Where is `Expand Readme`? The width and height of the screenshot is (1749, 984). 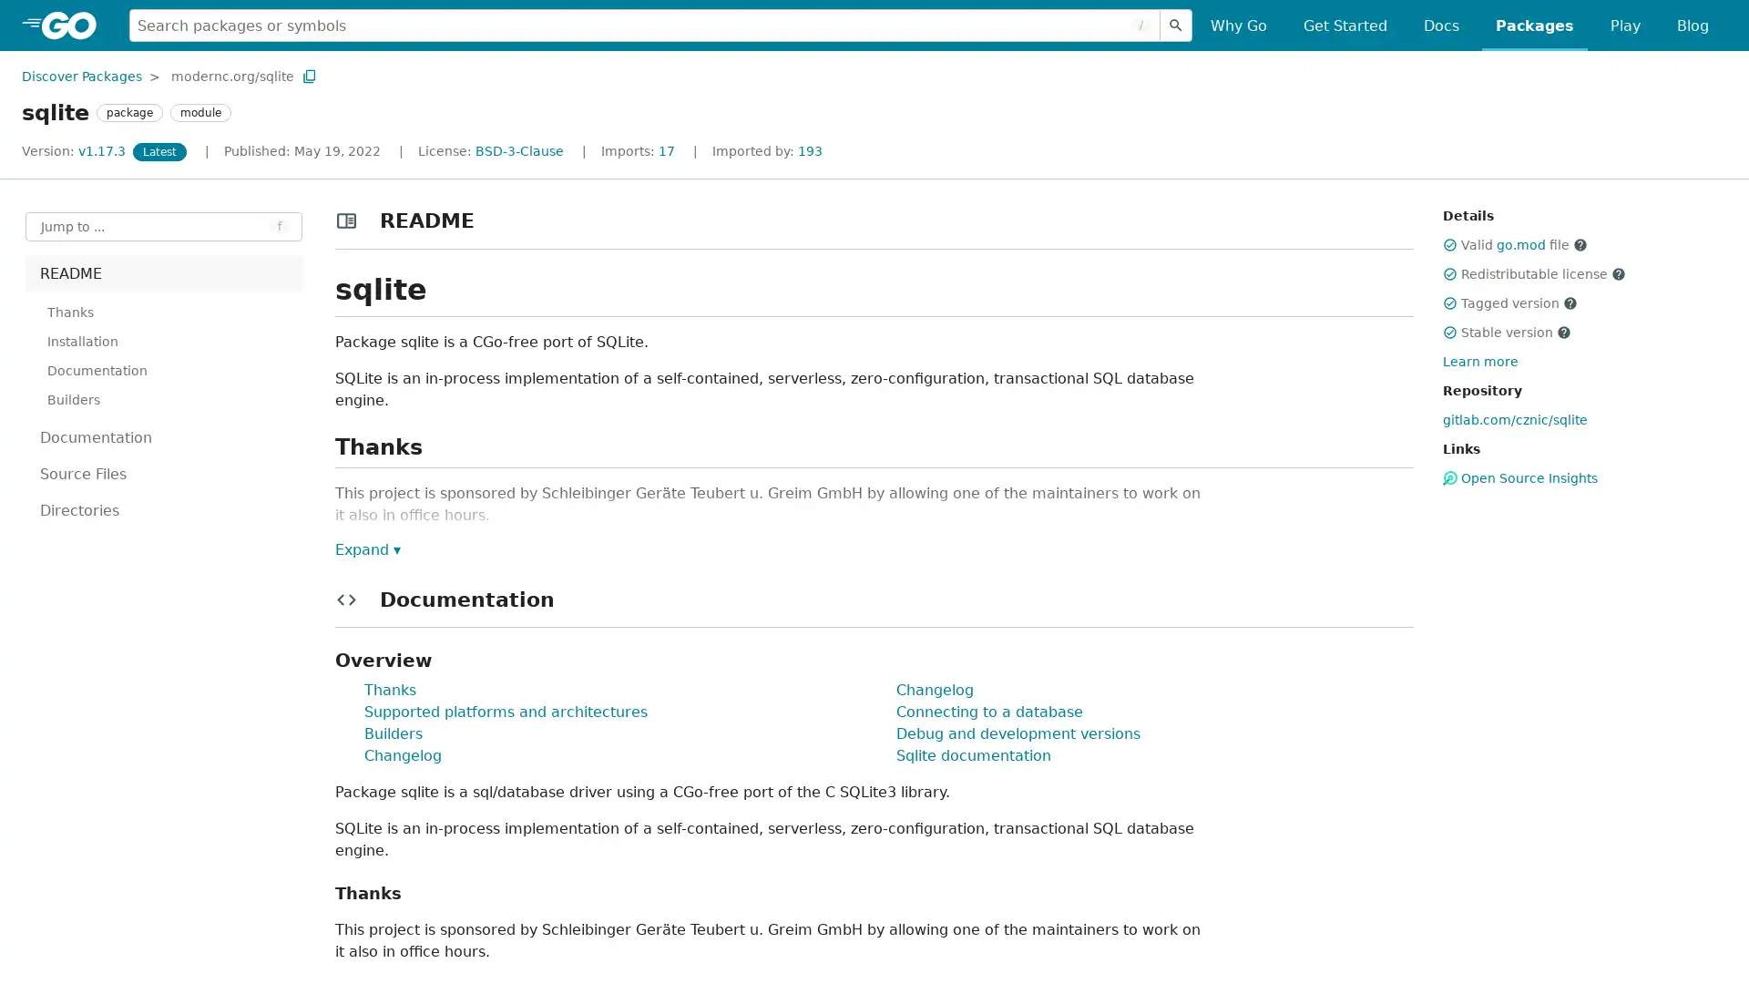
Expand Readme is located at coordinates (366, 548).